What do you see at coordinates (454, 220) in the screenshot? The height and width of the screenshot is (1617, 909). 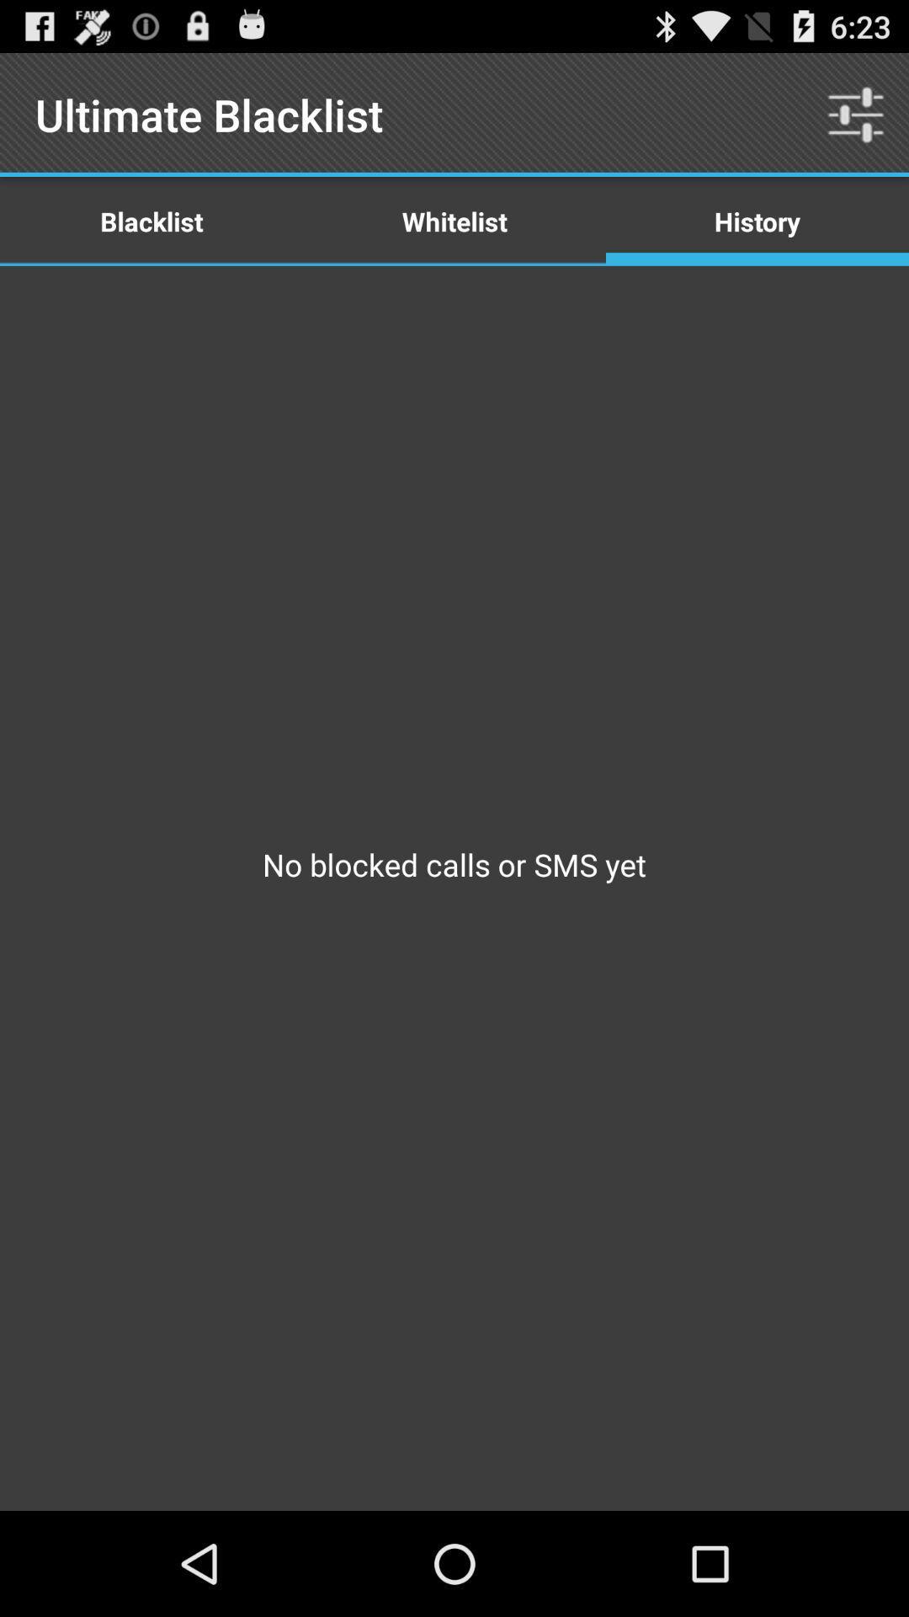 I see `item above no blocked calls icon` at bounding box center [454, 220].